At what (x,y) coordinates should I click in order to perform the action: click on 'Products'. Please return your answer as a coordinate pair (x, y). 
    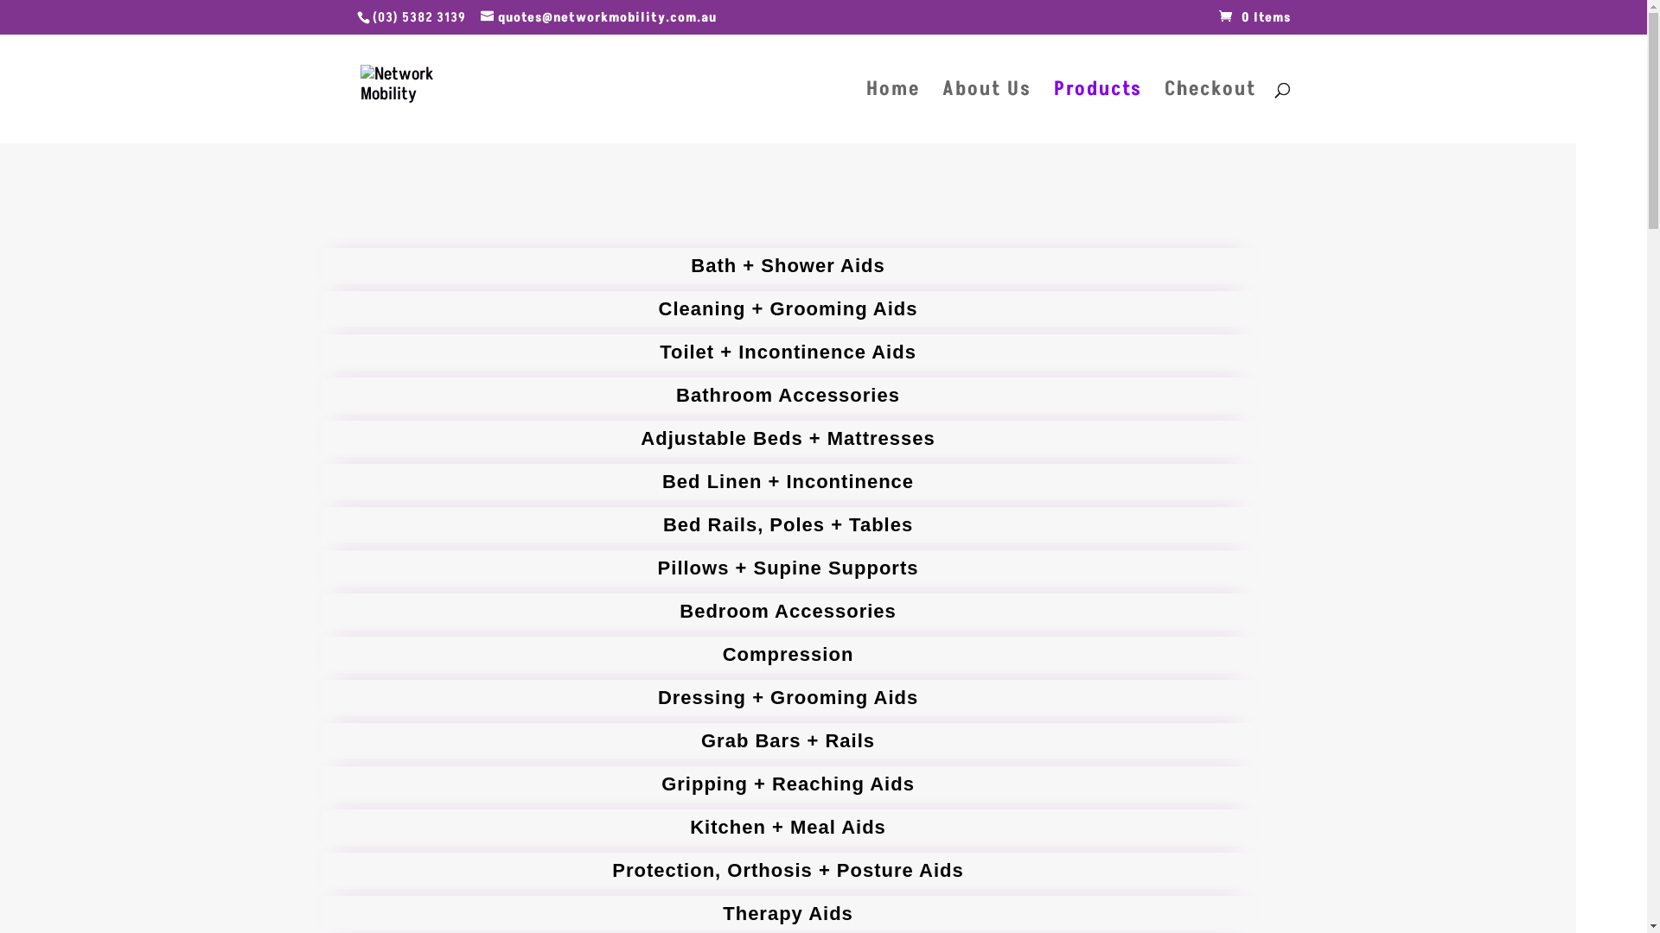
    Looking at the image, I should click on (1095, 113).